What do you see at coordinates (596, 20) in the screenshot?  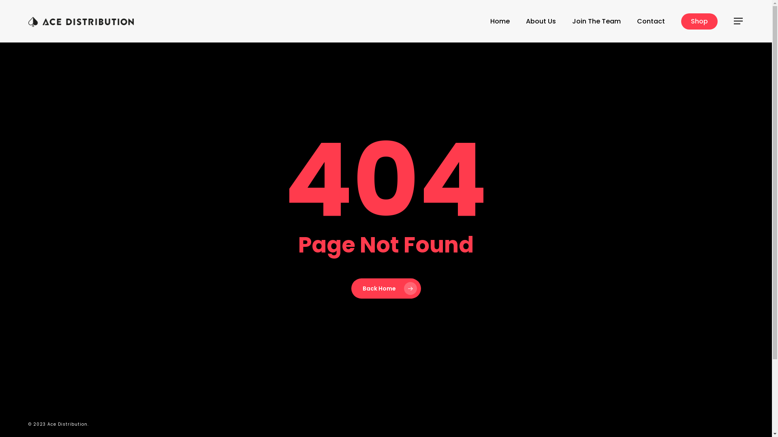 I see `'Join The Team'` at bounding box center [596, 20].